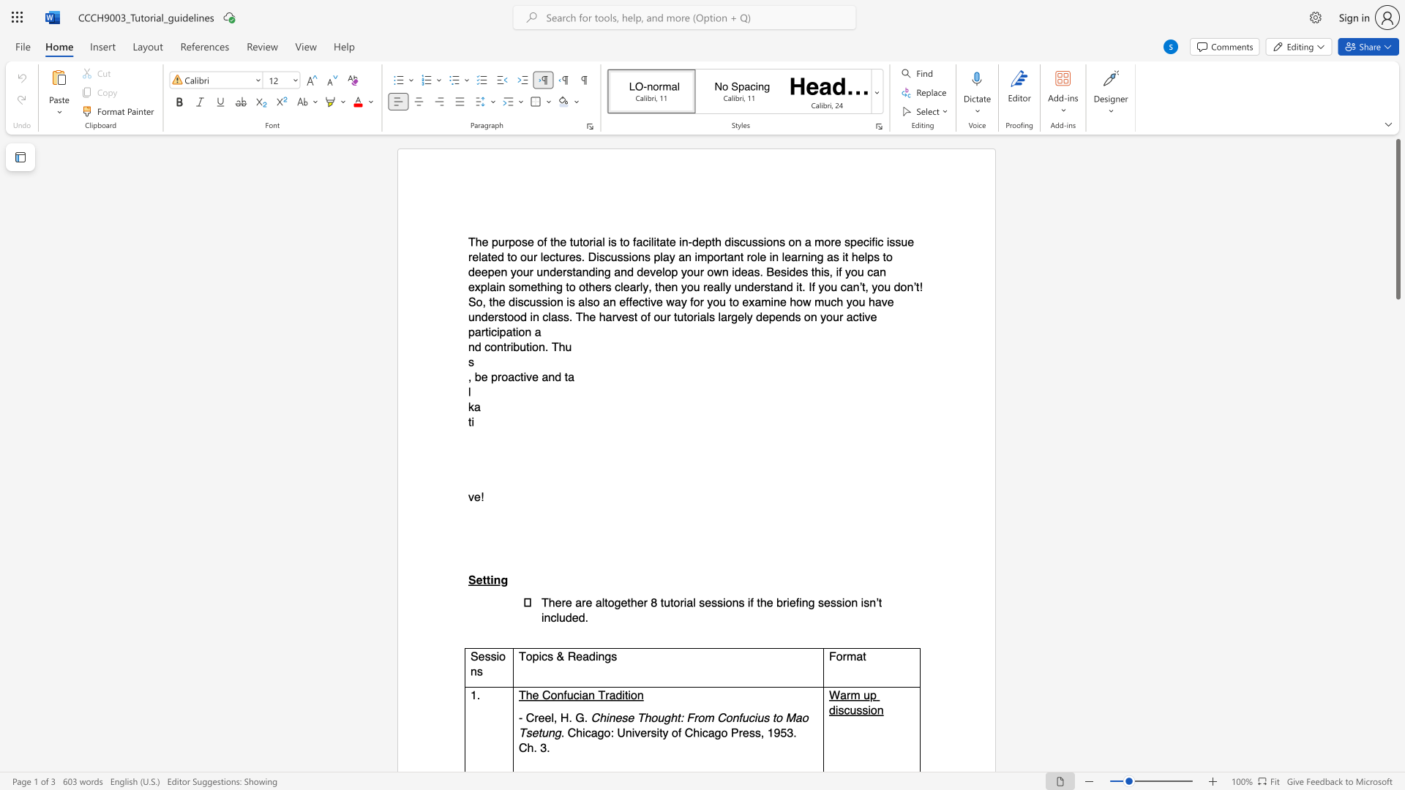  Describe the element at coordinates (1397, 511) in the screenshot. I see `the scrollbar to move the page downward` at that location.